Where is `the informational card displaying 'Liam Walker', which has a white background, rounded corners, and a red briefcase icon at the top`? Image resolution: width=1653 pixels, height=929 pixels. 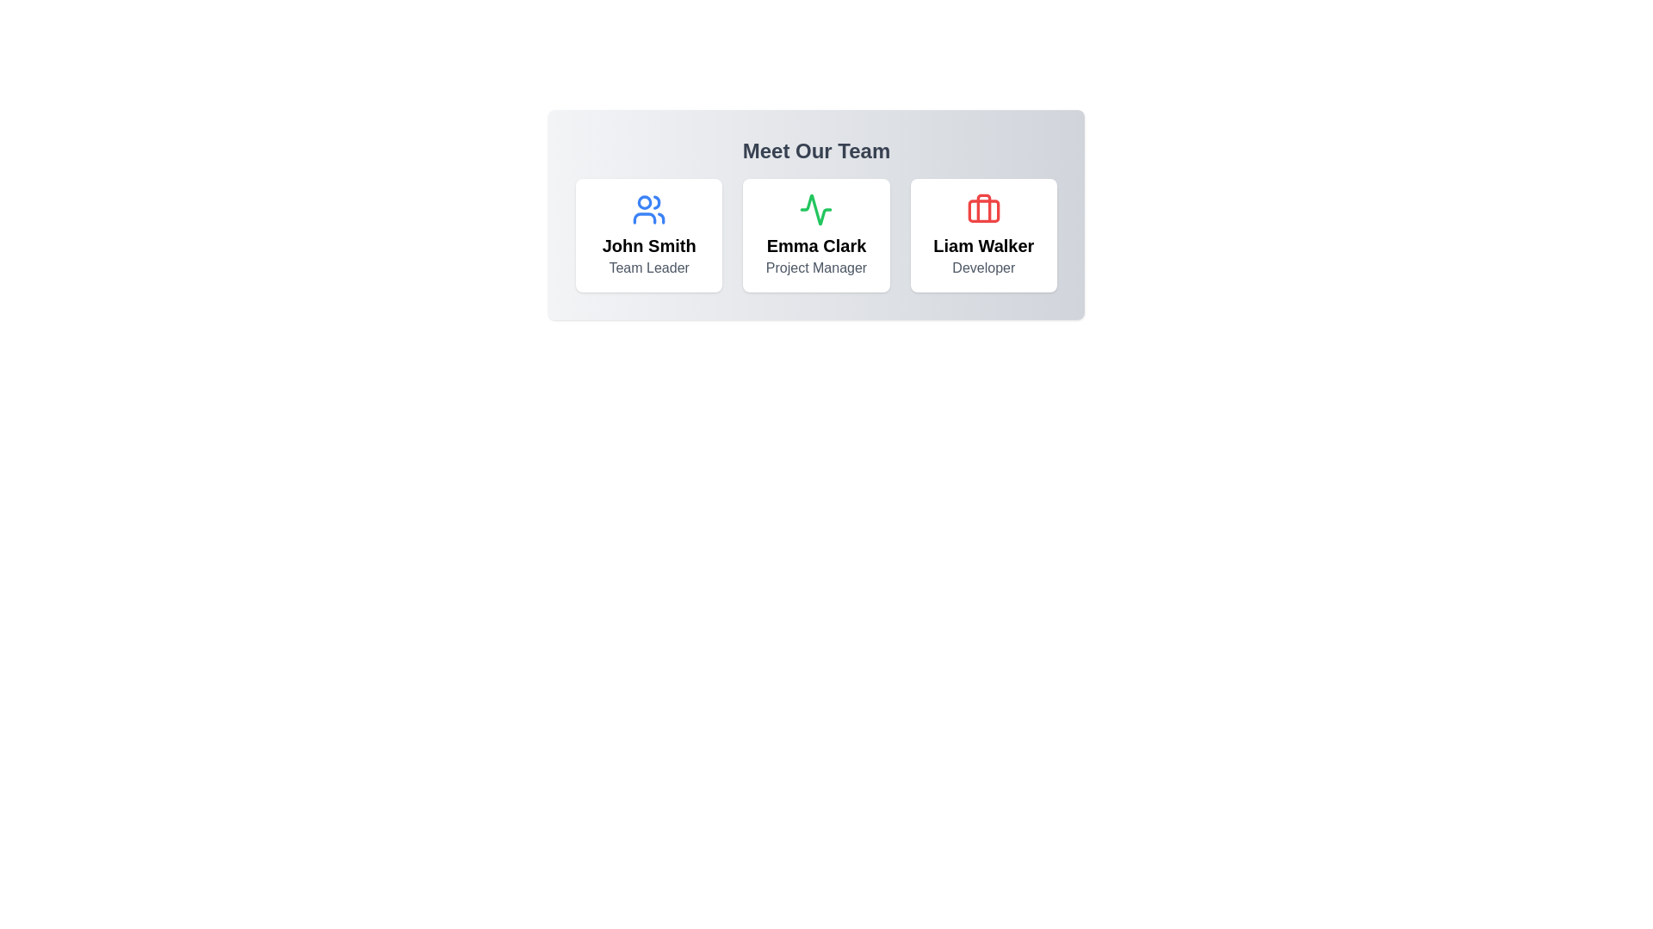
the informational card displaying 'Liam Walker', which has a white background, rounded corners, and a red briefcase icon at the top is located at coordinates (983, 235).